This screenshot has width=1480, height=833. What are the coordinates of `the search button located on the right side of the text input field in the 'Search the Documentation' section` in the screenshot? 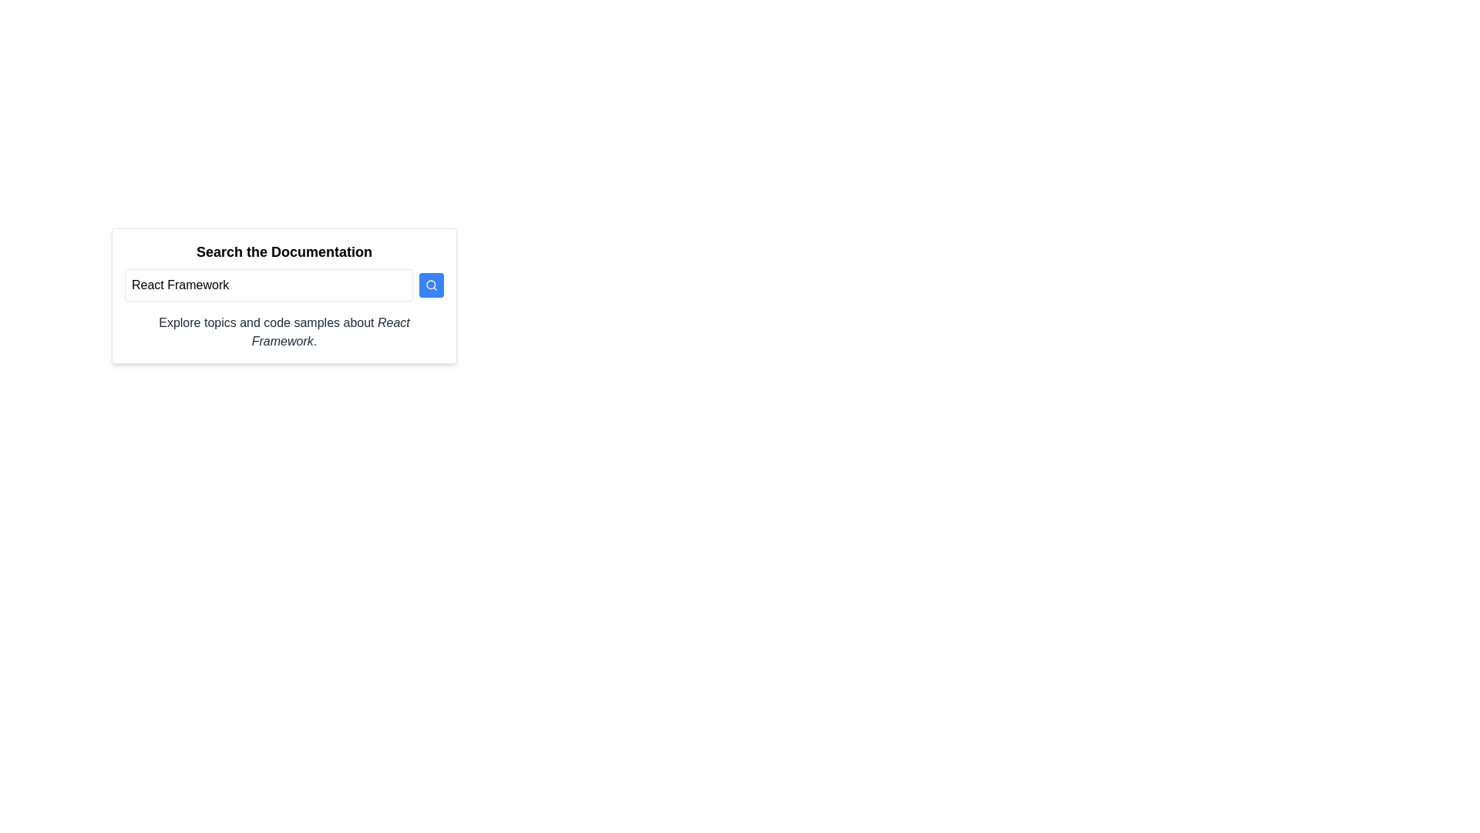 It's located at (432, 285).